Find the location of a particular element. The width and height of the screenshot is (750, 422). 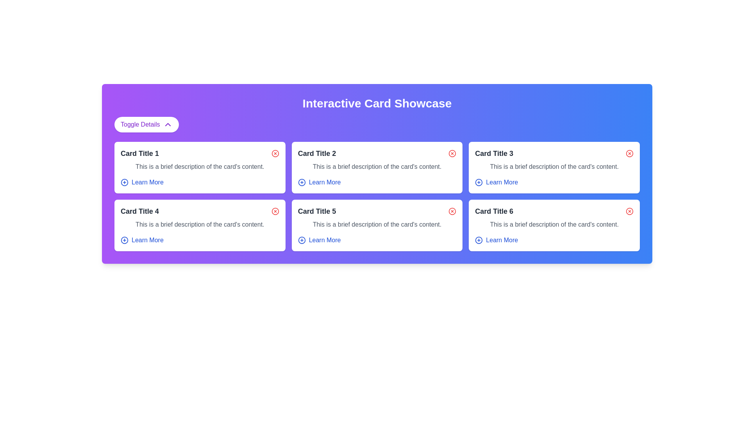

the Icon button located at the leftmost position in the 'Learn More' action row of 'Card Title 3' is located at coordinates (479, 182).